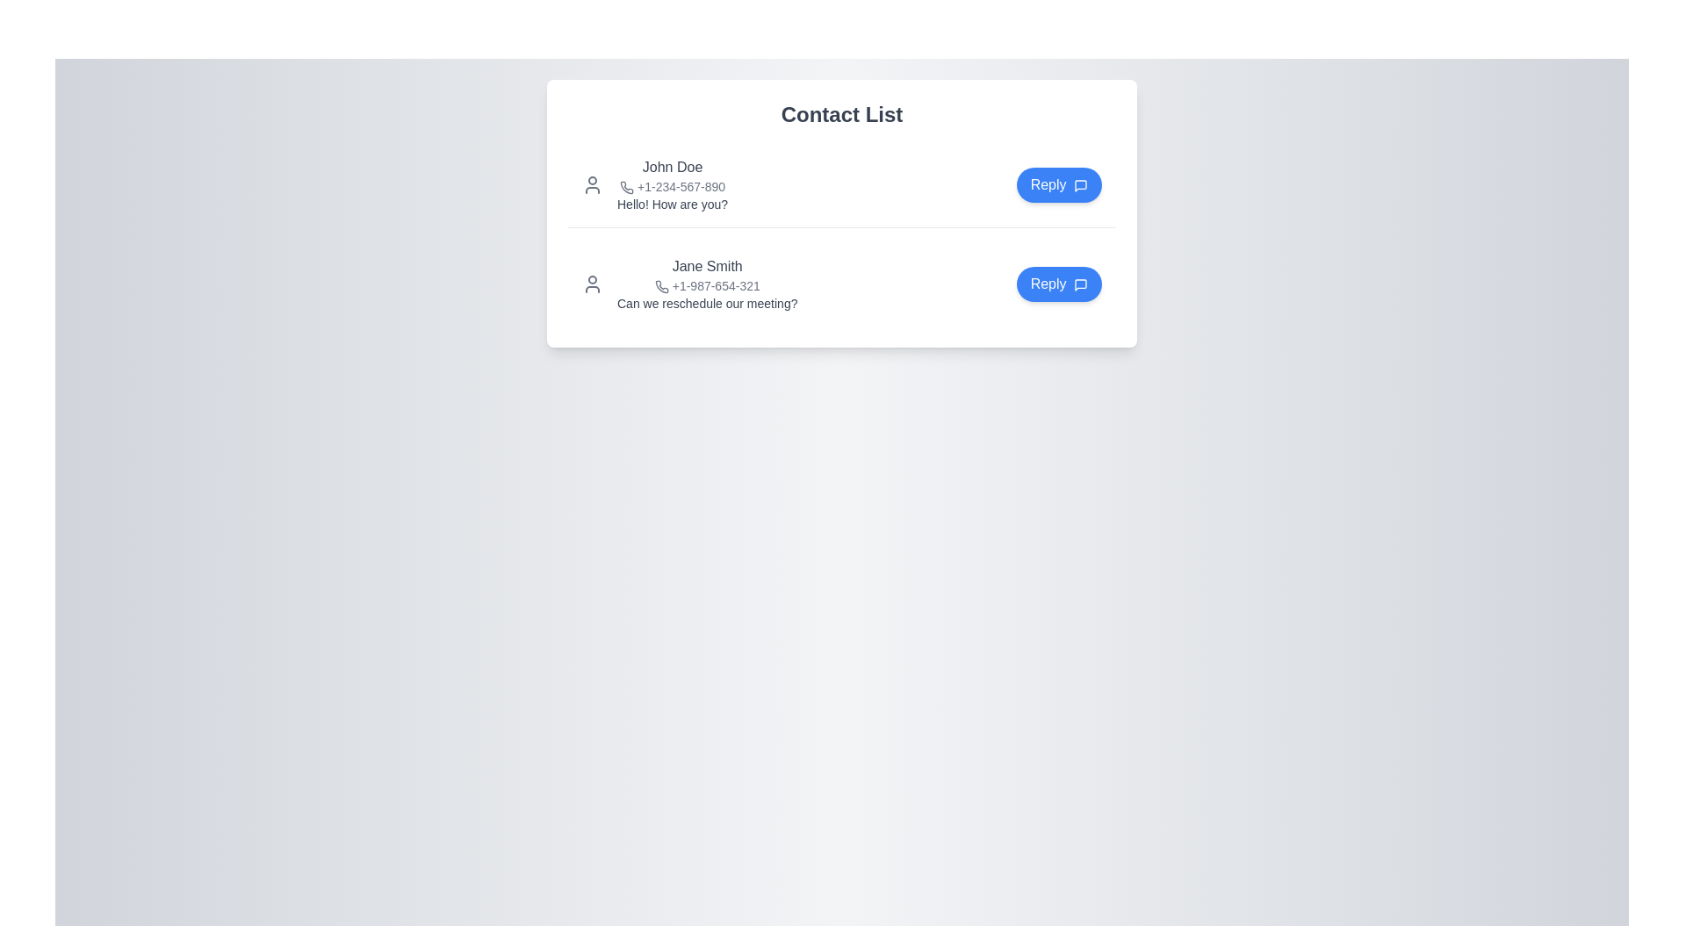 This screenshot has width=1686, height=948. Describe the element at coordinates (707, 284) in the screenshot. I see `the contact entry for 'Jane Smith', which includes her phone number and a text message, to see additional options` at that location.